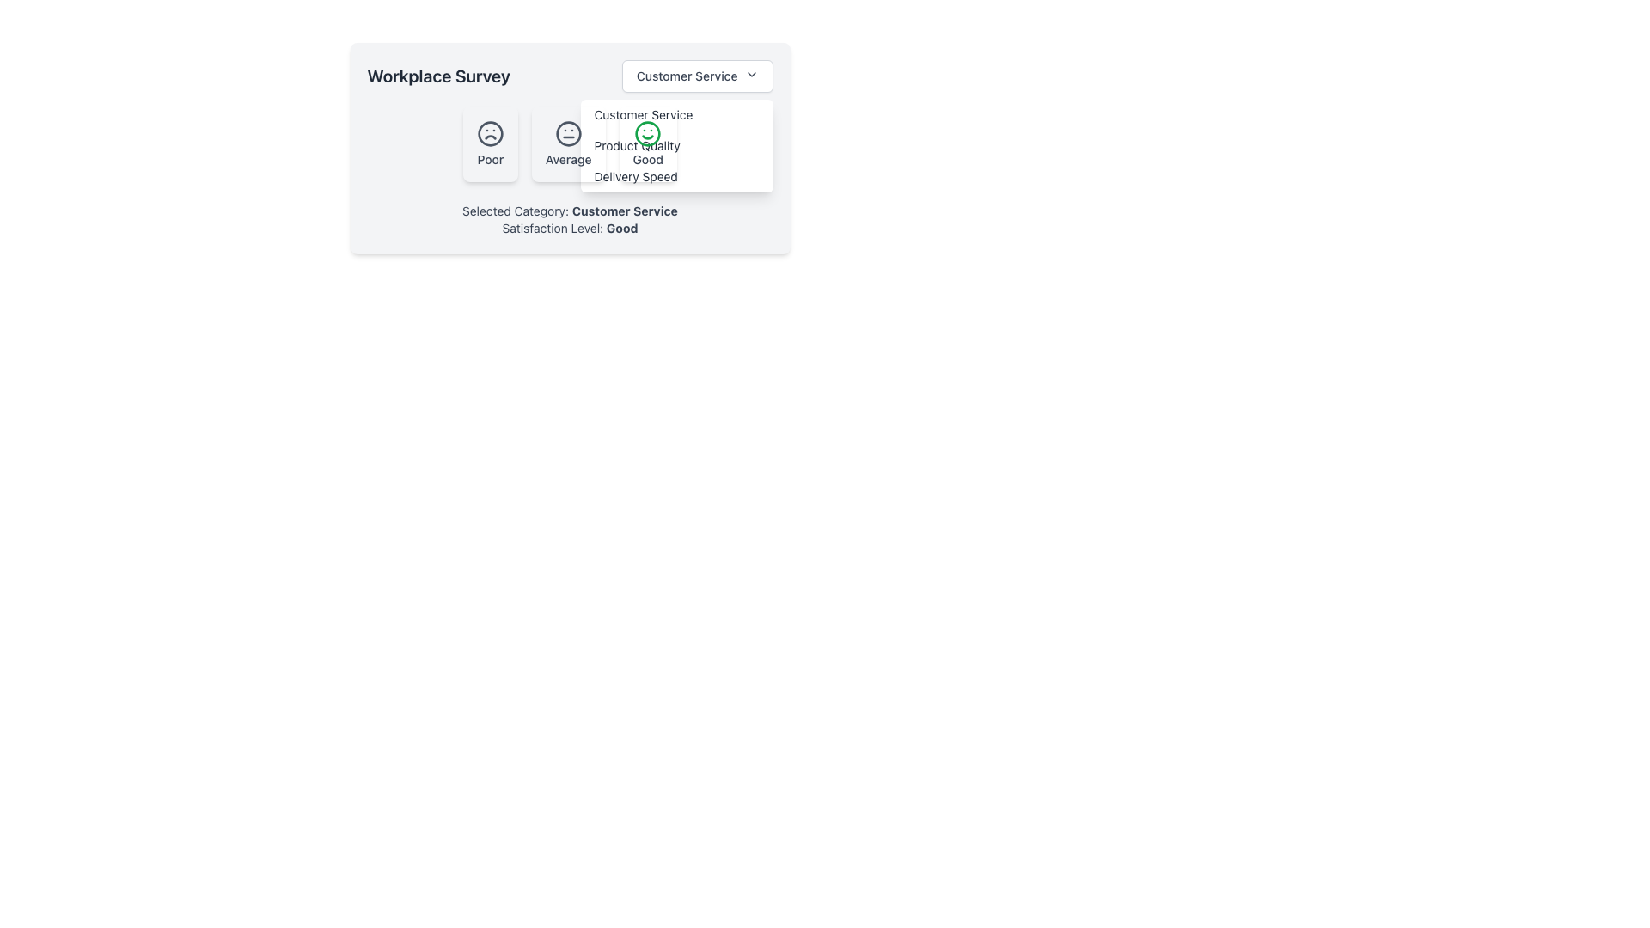  What do you see at coordinates (489, 159) in the screenshot?
I see `the text label displaying the word 'Poor', which is styled in a small gray font and located below an icon representing dissatisfaction in the feedback section` at bounding box center [489, 159].